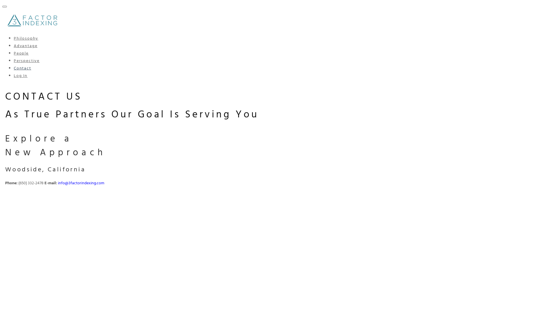 The height and width of the screenshot is (310, 551). What do you see at coordinates (26, 61) in the screenshot?
I see `'Perspective'` at bounding box center [26, 61].